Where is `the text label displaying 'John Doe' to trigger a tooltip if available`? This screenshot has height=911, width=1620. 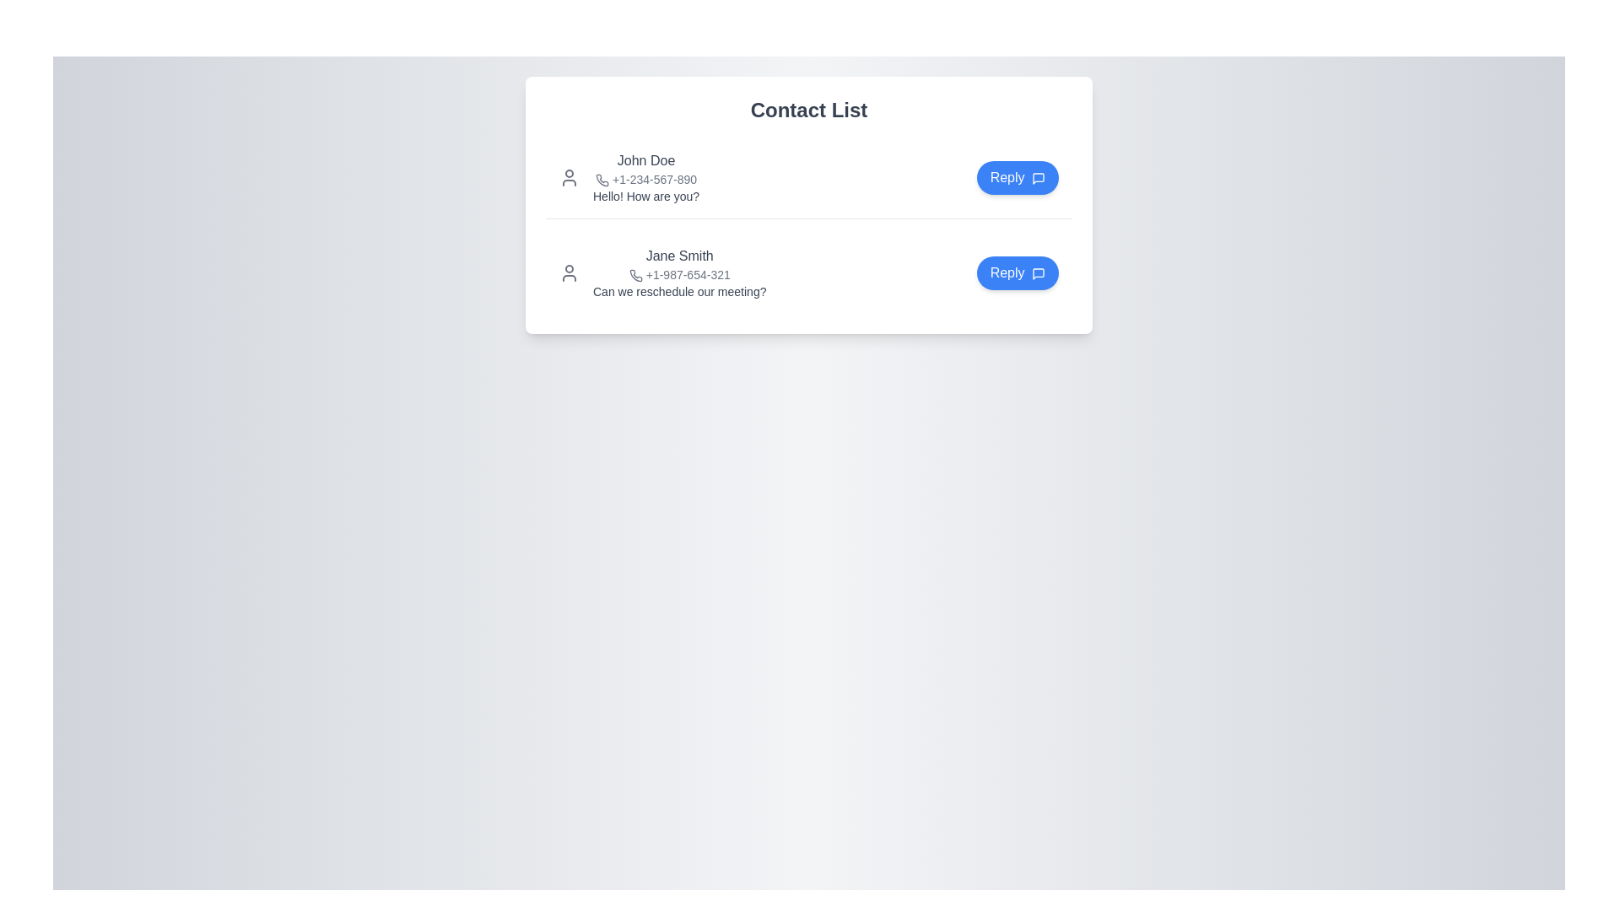 the text label displaying 'John Doe' to trigger a tooltip if available is located at coordinates (645, 161).